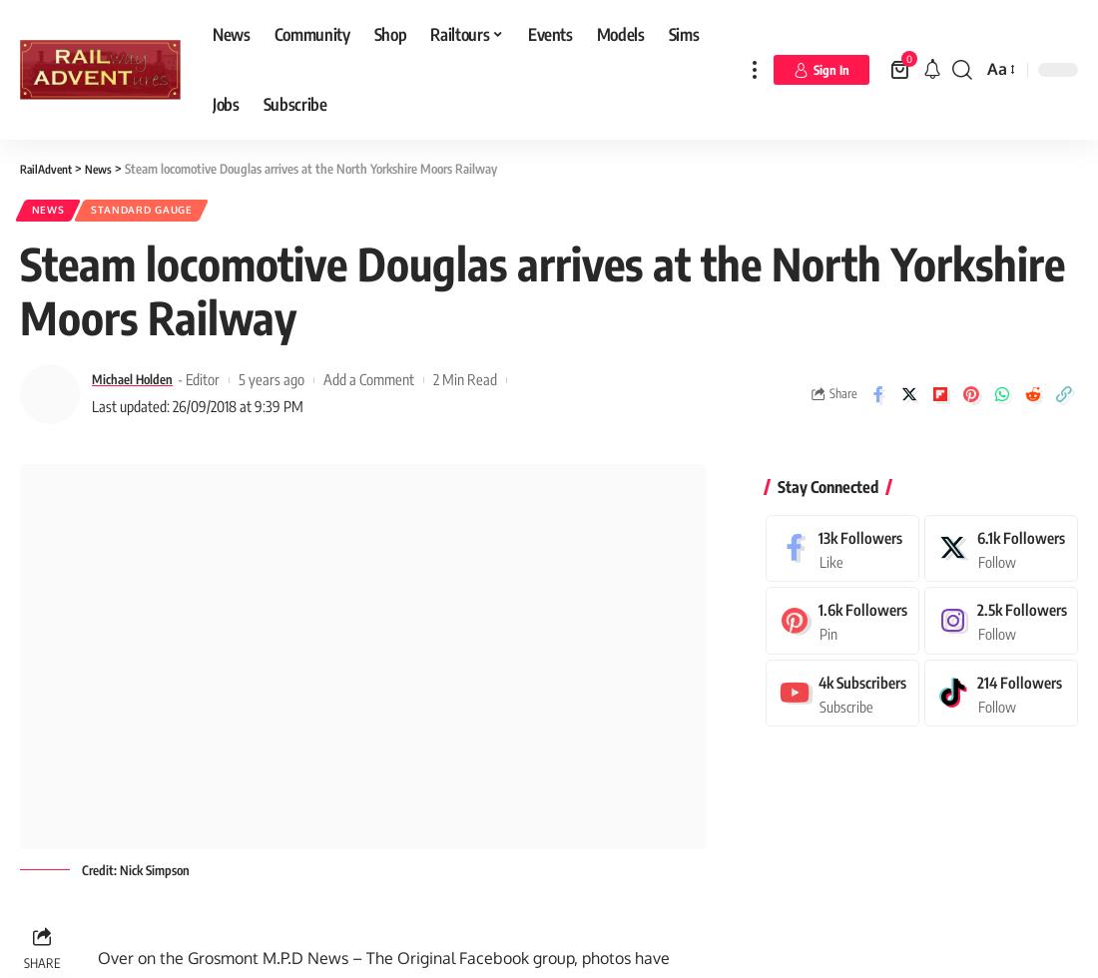  Describe the element at coordinates (389, 34) in the screenshot. I see `'Shop'` at that location.